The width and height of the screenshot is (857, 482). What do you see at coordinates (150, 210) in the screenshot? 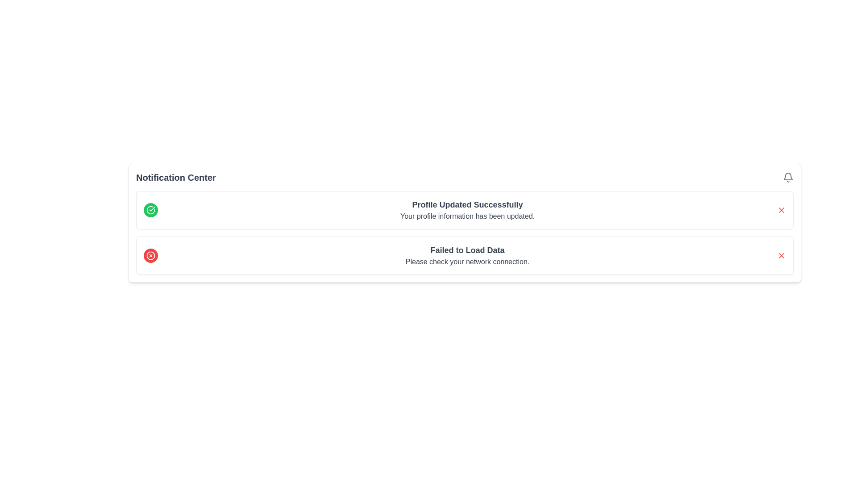
I see `the circular green Status indicator icon with a white checkmark, located to the left of the 'Profile Updated Successfully' notification in the notification center` at bounding box center [150, 210].